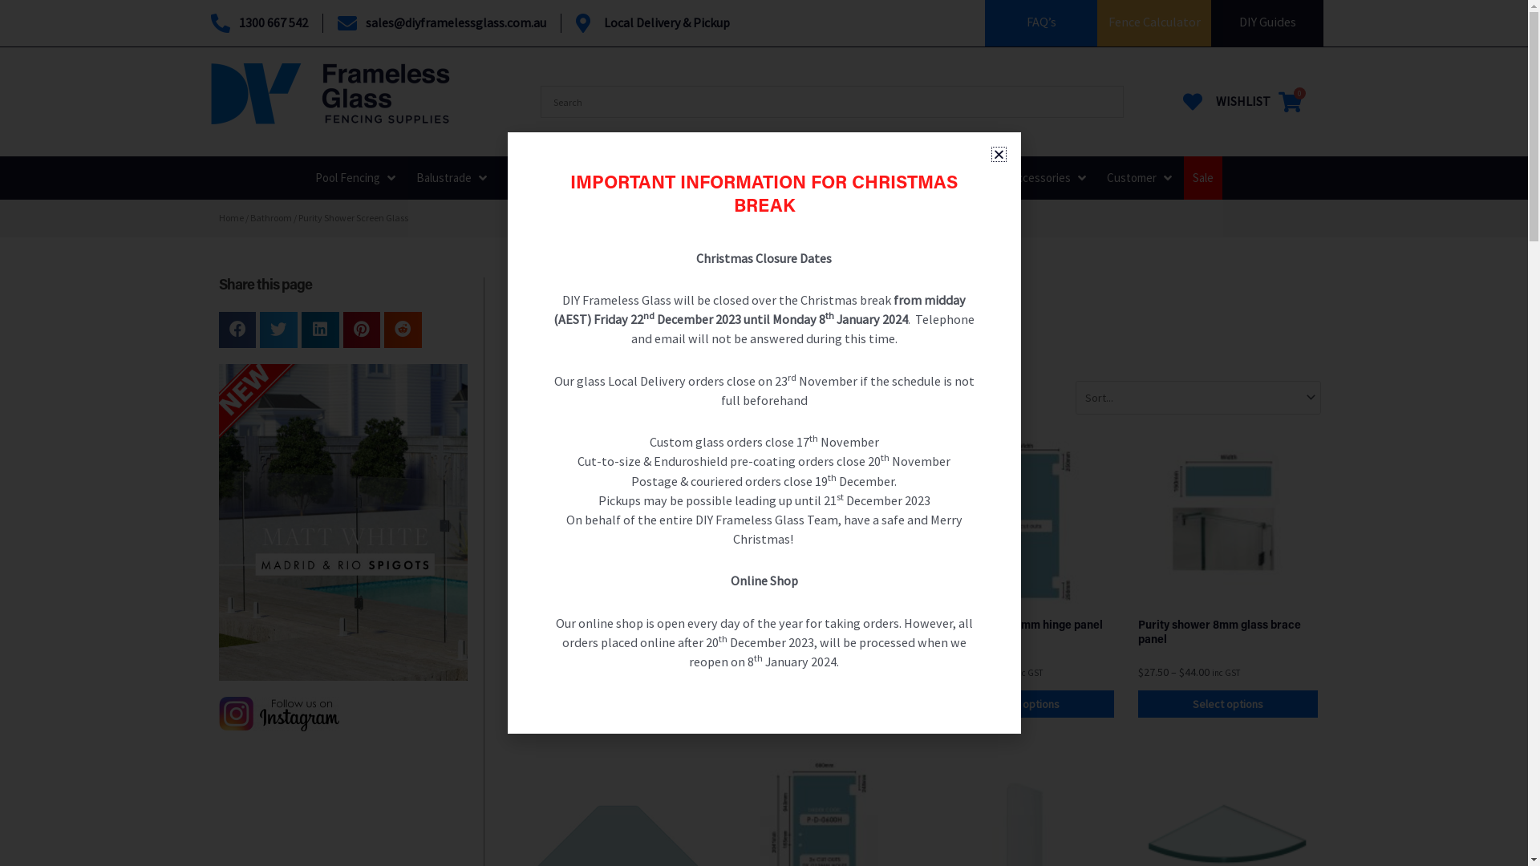  What do you see at coordinates (1023, 703) in the screenshot?
I see `'Select options'` at bounding box center [1023, 703].